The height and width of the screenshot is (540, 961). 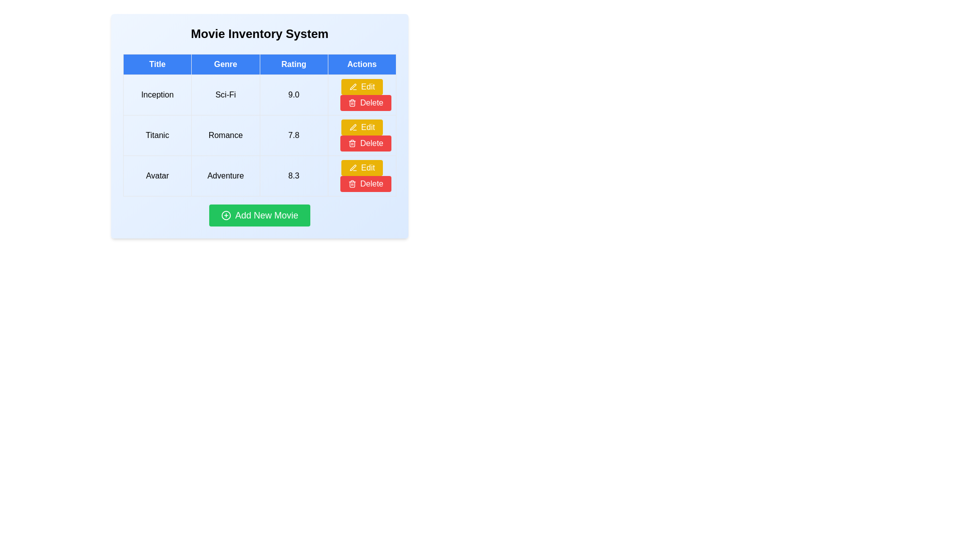 What do you see at coordinates (361, 175) in the screenshot?
I see `the button group located in the 'Actions' column of the last row associated with 'Avatar Adventure 8.3'` at bounding box center [361, 175].